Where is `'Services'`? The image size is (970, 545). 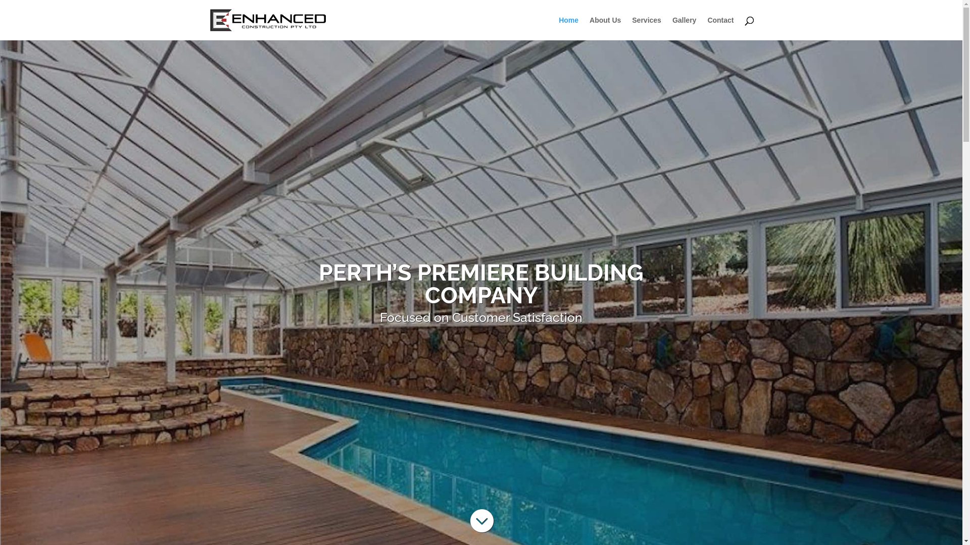 'Services' is located at coordinates (647, 28).